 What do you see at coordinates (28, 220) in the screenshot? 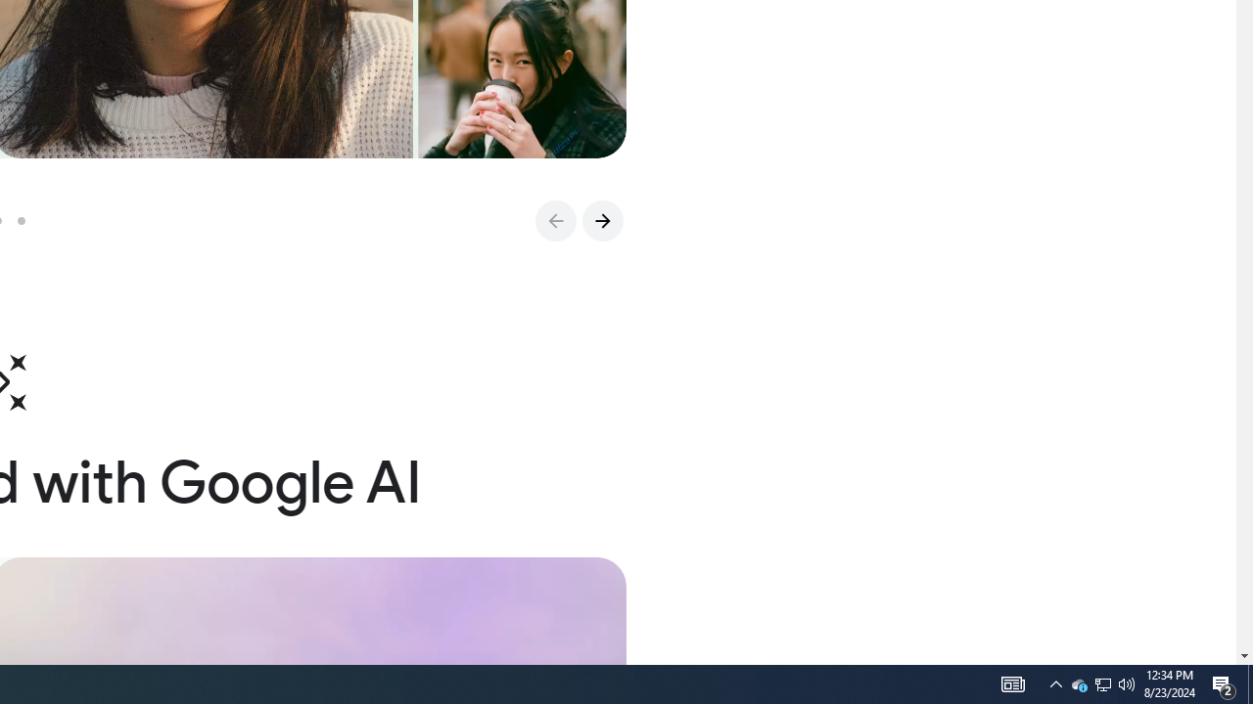
I see `'Go to slide 3'` at bounding box center [28, 220].